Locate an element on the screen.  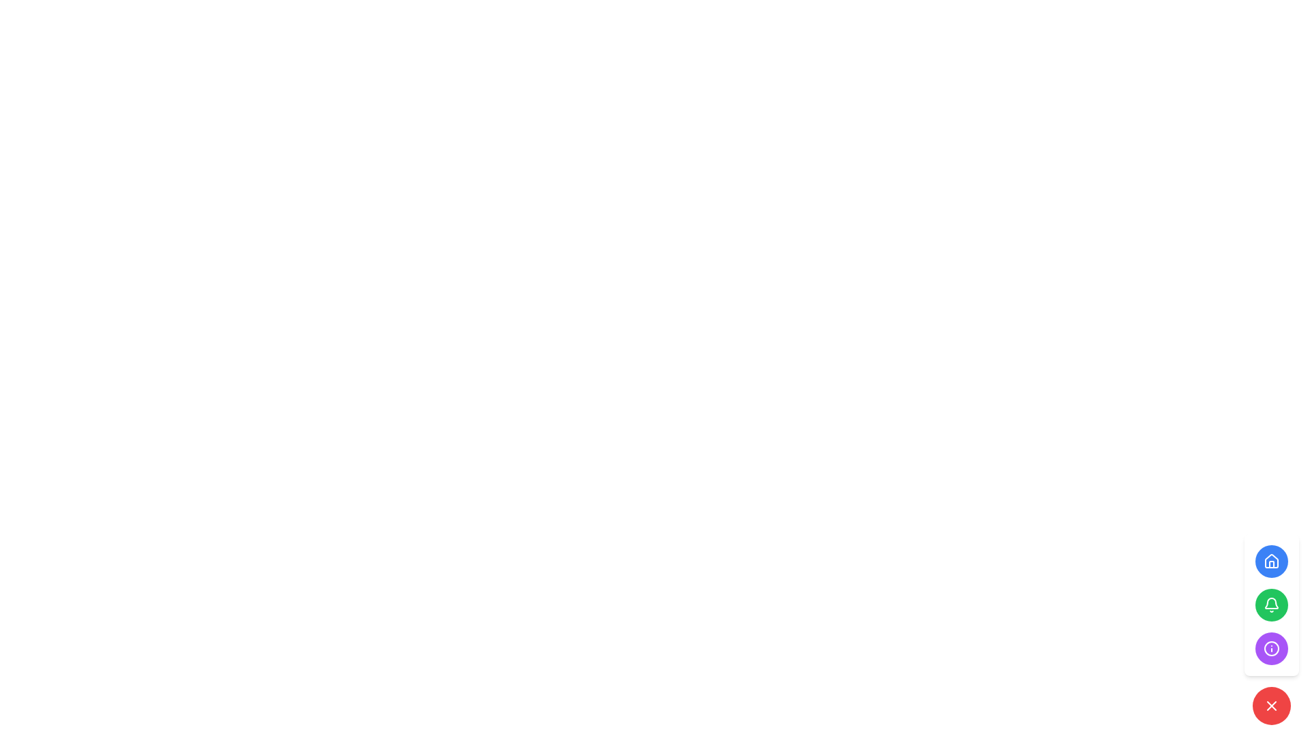
the circular purple button with an 'info' icon, positioned as the fourth button in a vertical group on the right side of the interface is located at coordinates (1270, 648).